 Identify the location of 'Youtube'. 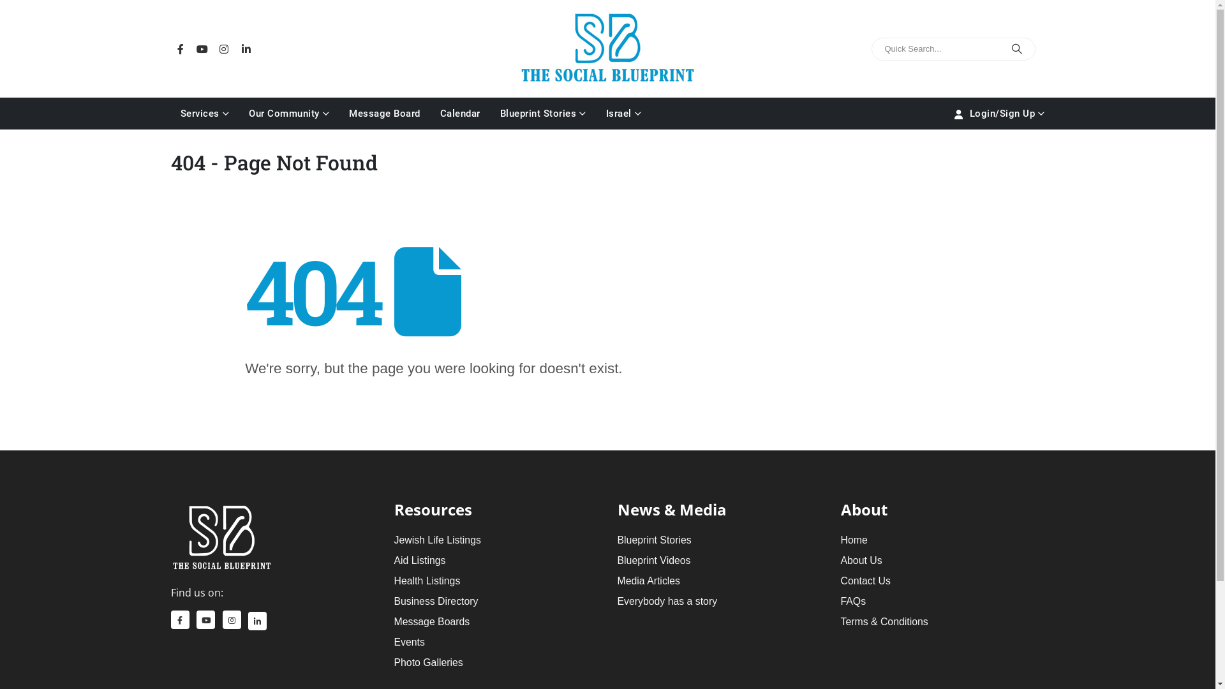
(192, 48).